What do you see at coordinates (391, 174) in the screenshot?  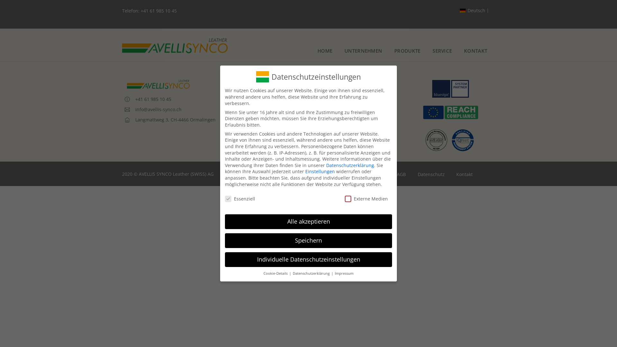 I see `'AGB'` at bounding box center [391, 174].